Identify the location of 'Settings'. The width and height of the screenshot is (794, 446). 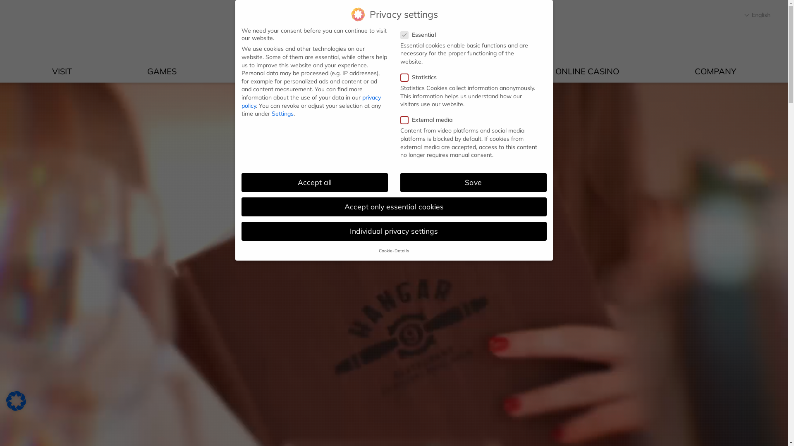
(282, 113).